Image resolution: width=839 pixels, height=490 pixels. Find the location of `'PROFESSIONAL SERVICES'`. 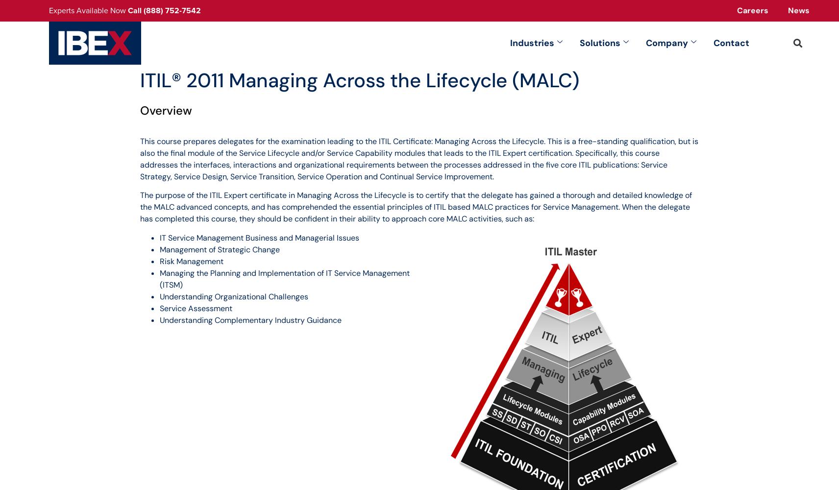

'PROFESSIONAL SERVICES' is located at coordinates (387, 92).